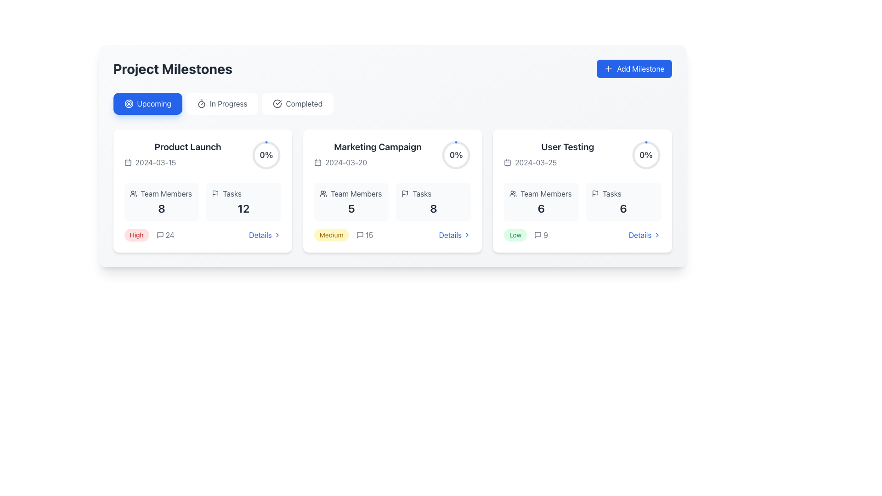 The image size is (882, 496). I want to click on the speech bubble graphical icon located above the comment count (15) in the 'Marketing Campaign' milestone card, which is the second icon in the row of milestone cards, so click(359, 235).